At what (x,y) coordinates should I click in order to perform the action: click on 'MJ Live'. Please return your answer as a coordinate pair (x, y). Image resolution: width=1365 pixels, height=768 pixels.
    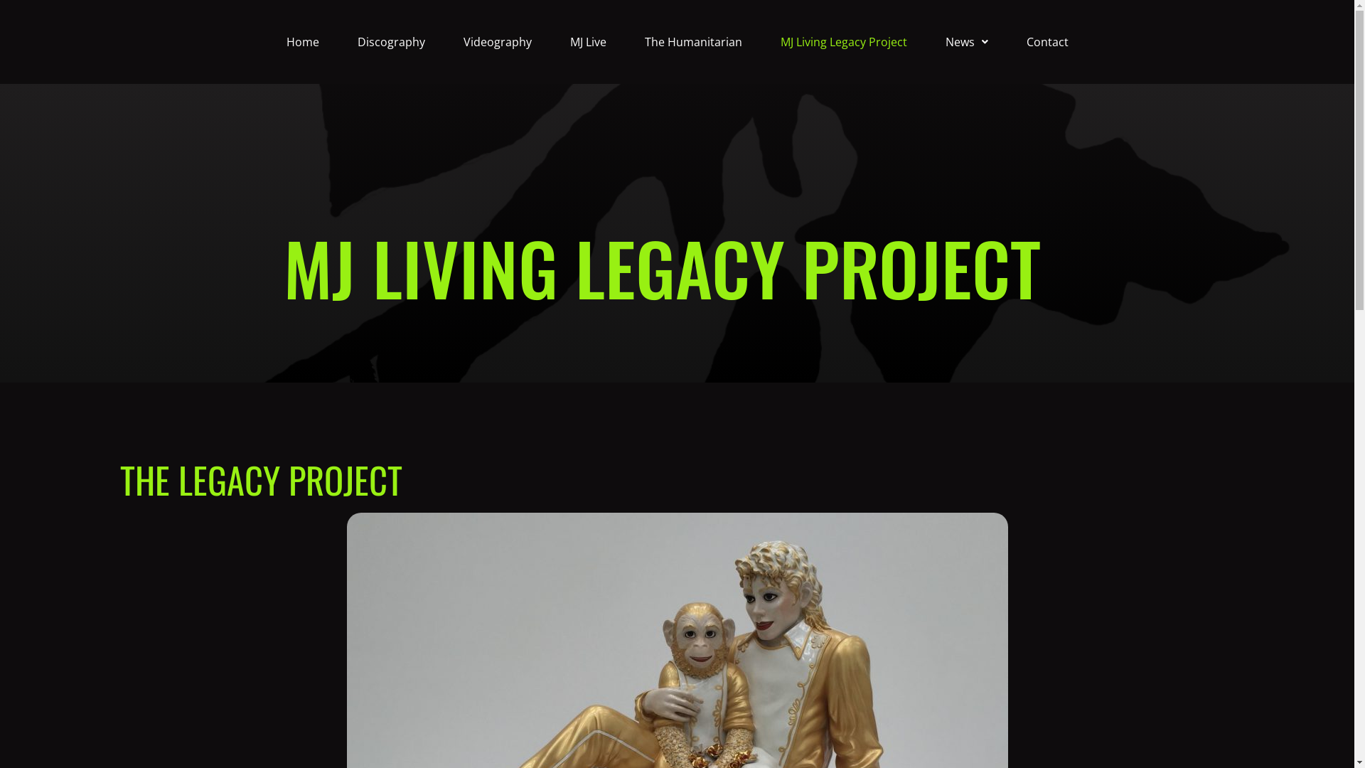
    Looking at the image, I should click on (587, 41).